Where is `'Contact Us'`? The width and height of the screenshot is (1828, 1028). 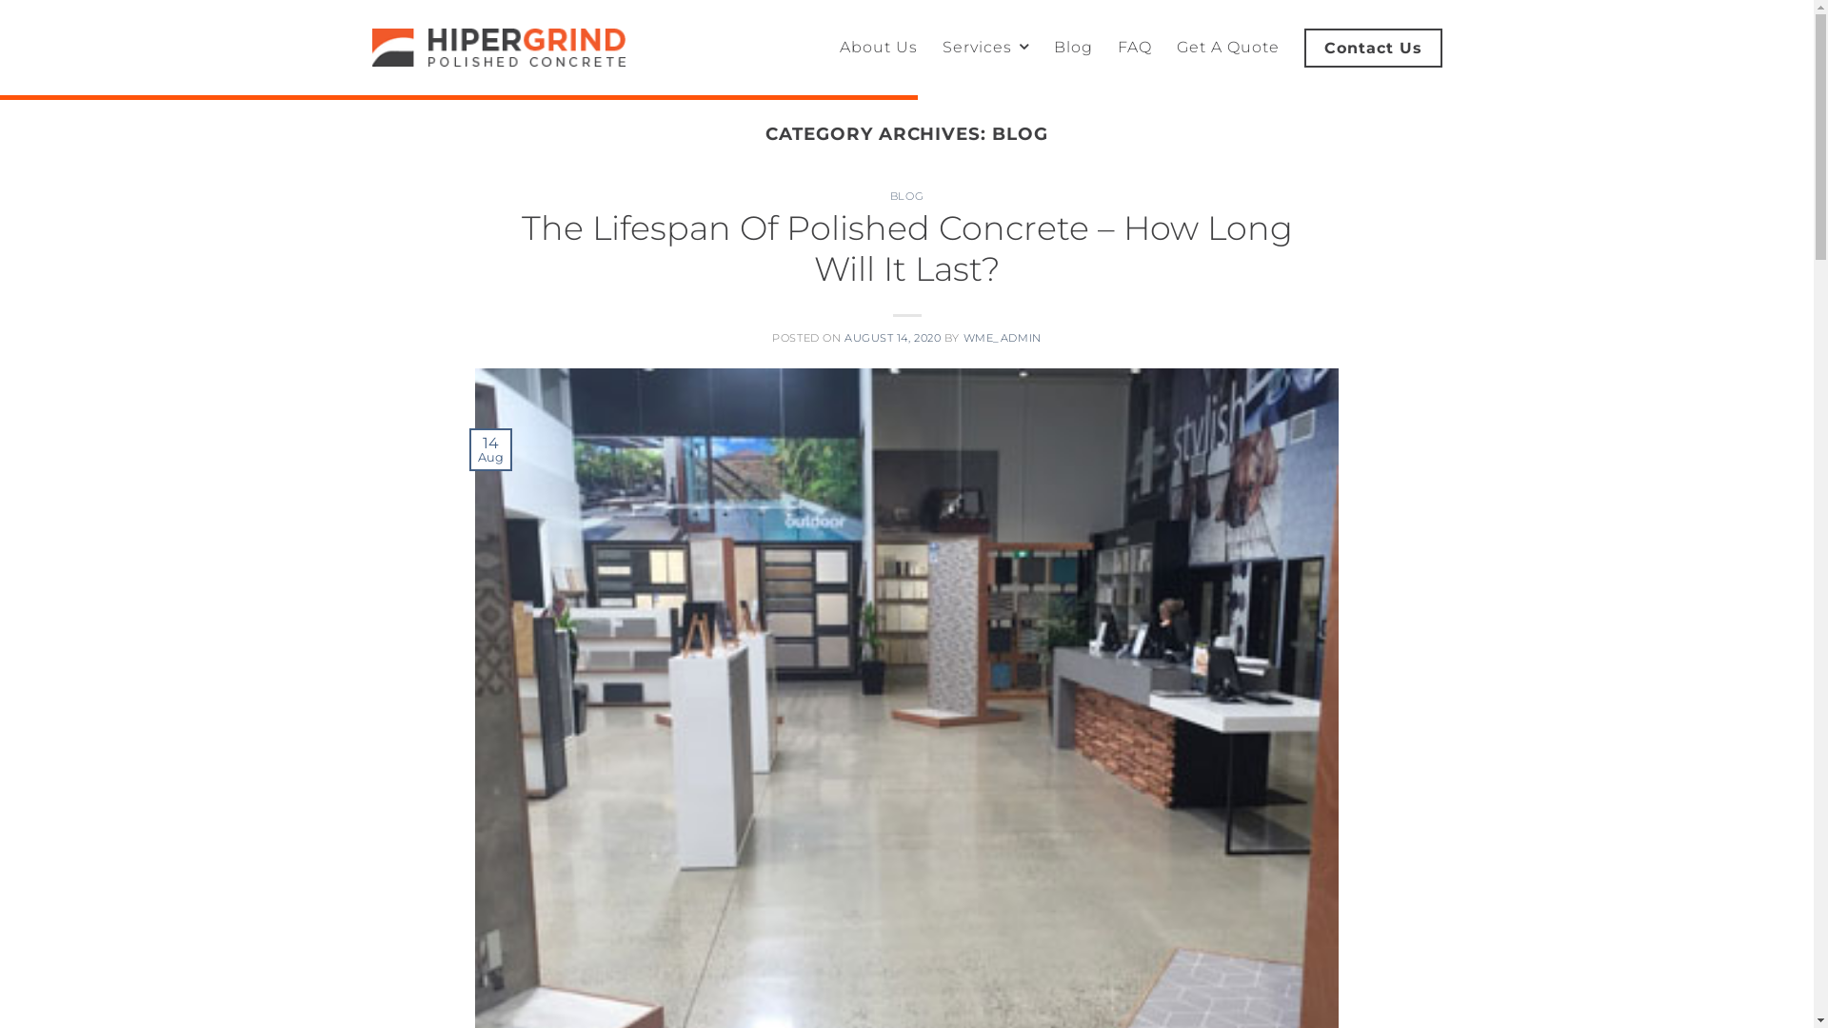 'Contact Us' is located at coordinates (1373, 47).